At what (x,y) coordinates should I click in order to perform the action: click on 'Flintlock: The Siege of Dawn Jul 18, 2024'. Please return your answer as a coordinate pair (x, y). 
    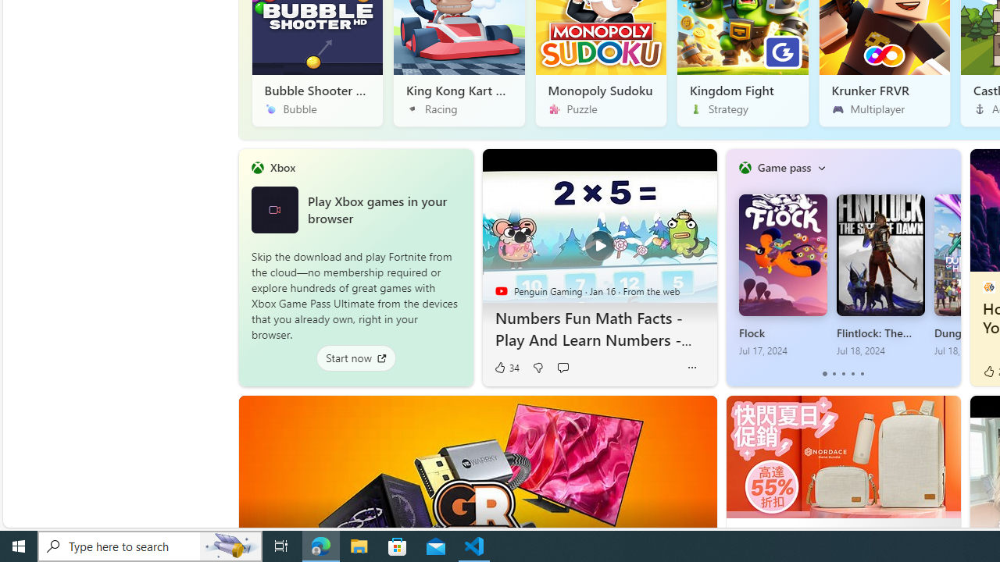
    Looking at the image, I should click on (880, 275).